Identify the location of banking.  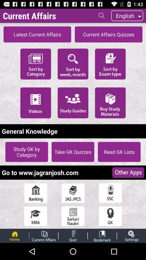
(35, 193).